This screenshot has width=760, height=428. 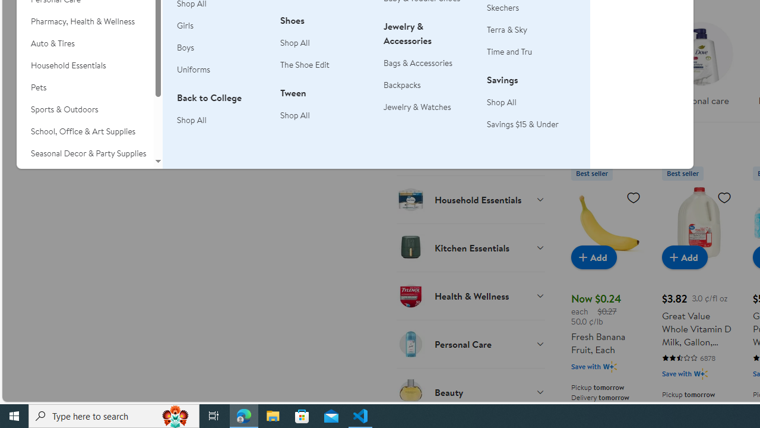 What do you see at coordinates (531, 29) in the screenshot?
I see `'Terra & Sky'` at bounding box center [531, 29].